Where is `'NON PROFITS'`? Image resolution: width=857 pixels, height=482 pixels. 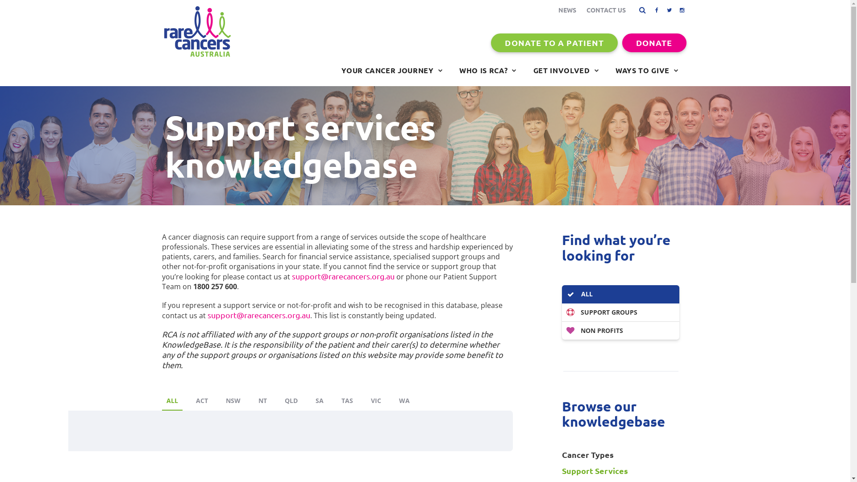 'NON PROFITS' is located at coordinates (620, 330).